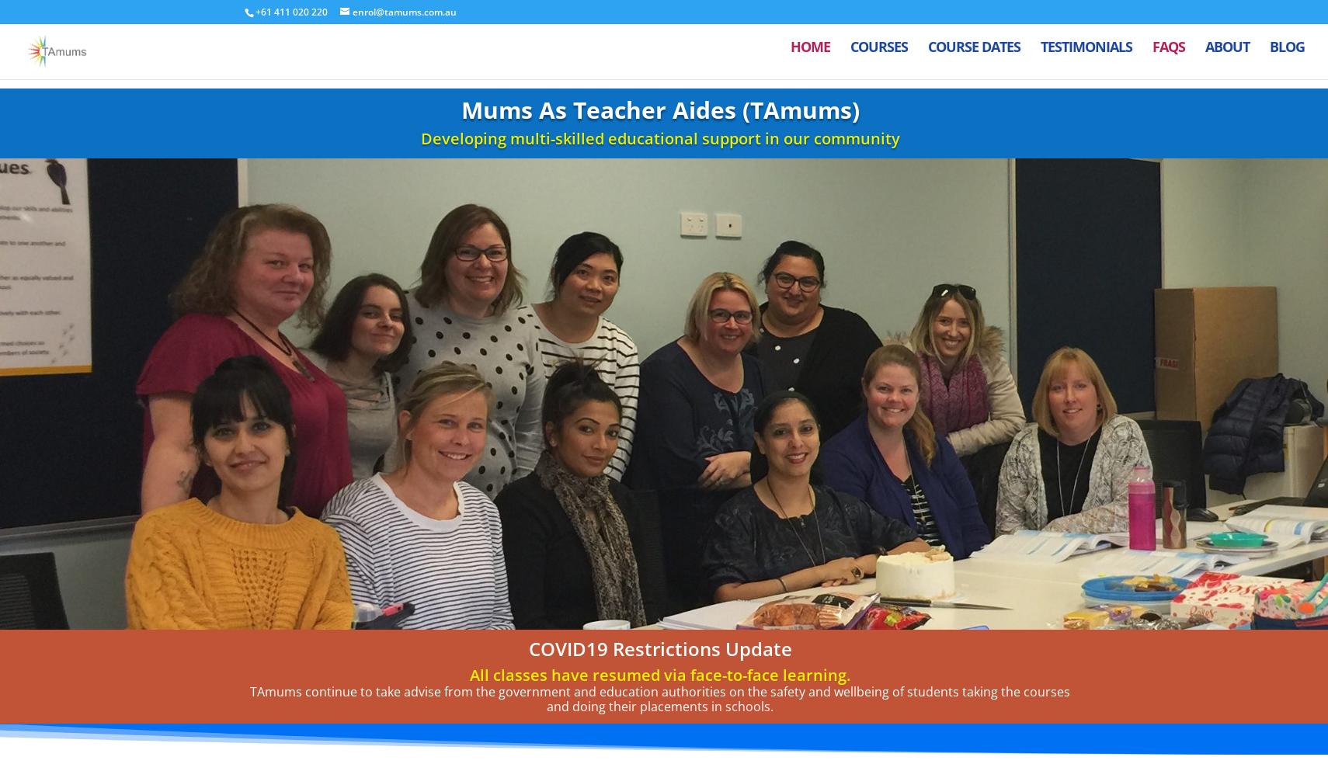  What do you see at coordinates (878, 56) in the screenshot?
I see `'Courses'` at bounding box center [878, 56].